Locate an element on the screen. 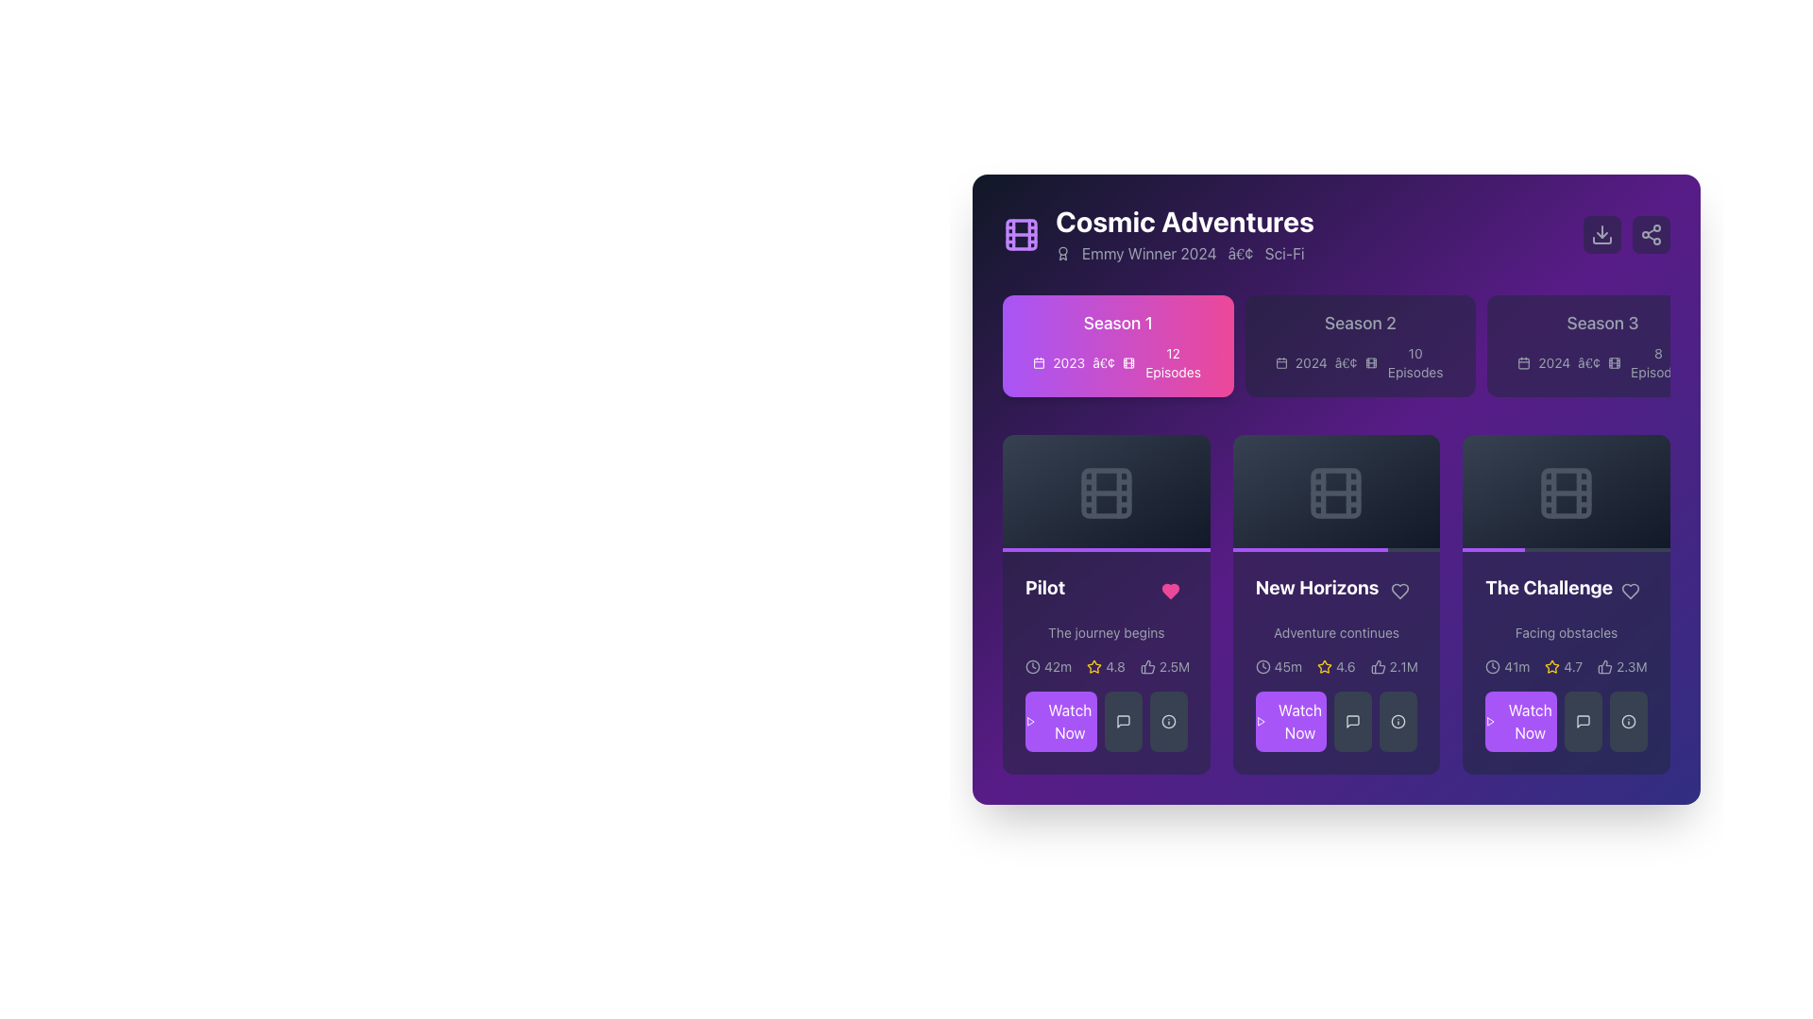 The width and height of the screenshot is (1813, 1019). the text and icon element displaying '2024 • 8 Episodes' located in the 'Season 3' card, which is positioned below the title 'Season 3' is located at coordinates (1601, 363).